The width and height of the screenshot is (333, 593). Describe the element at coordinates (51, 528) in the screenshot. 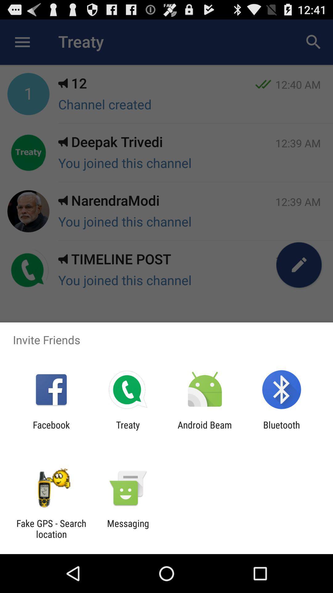

I see `the item to the left of the messaging app` at that location.